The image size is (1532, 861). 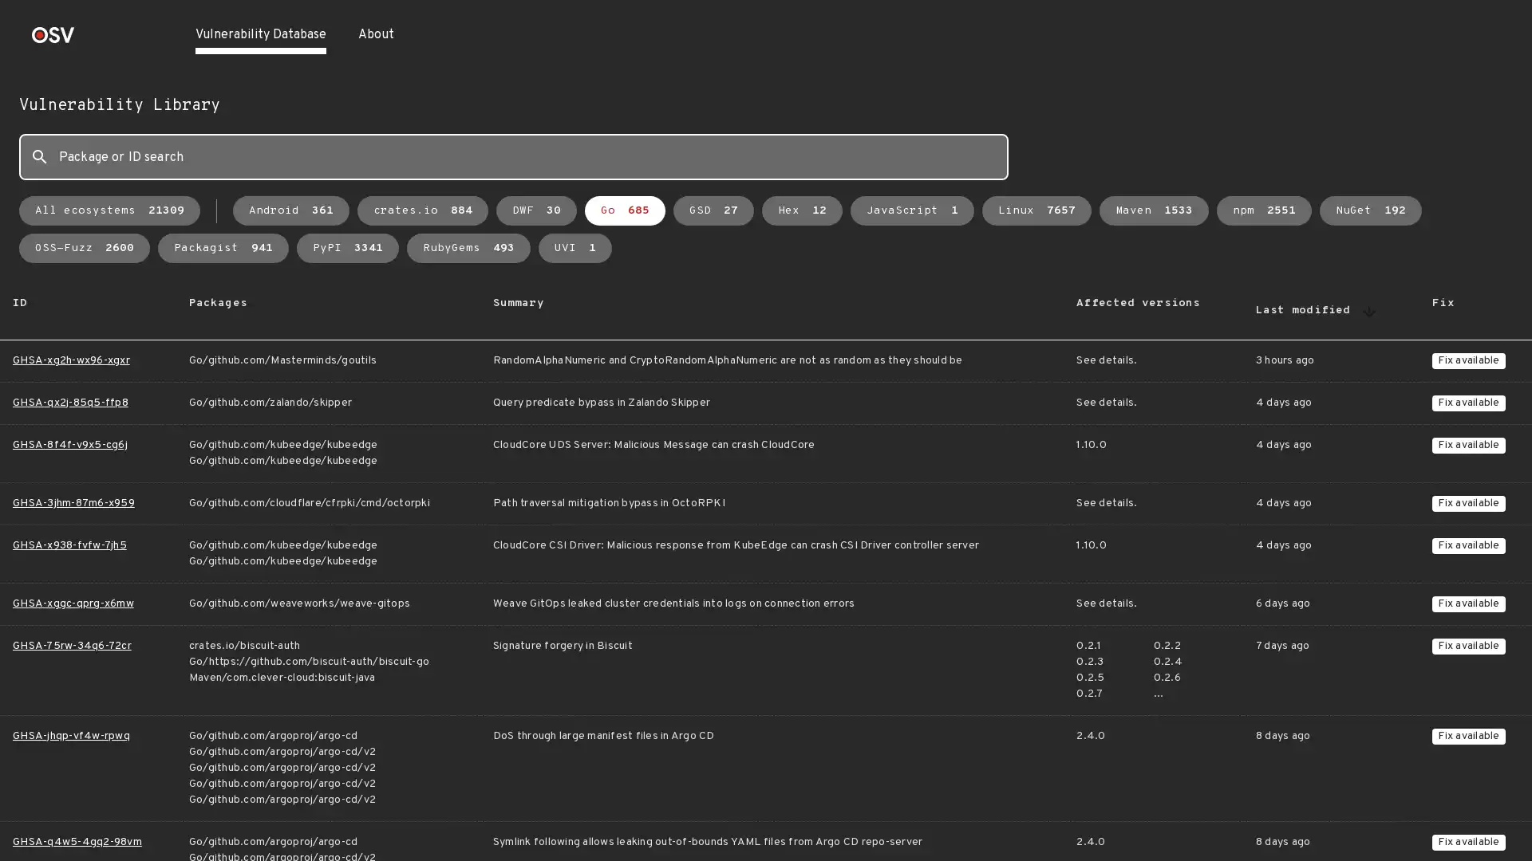 What do you see at coordinates (1368, 310) in the screenshot?
I see `Sort by Last modified` at bounding box center [1368, 310].